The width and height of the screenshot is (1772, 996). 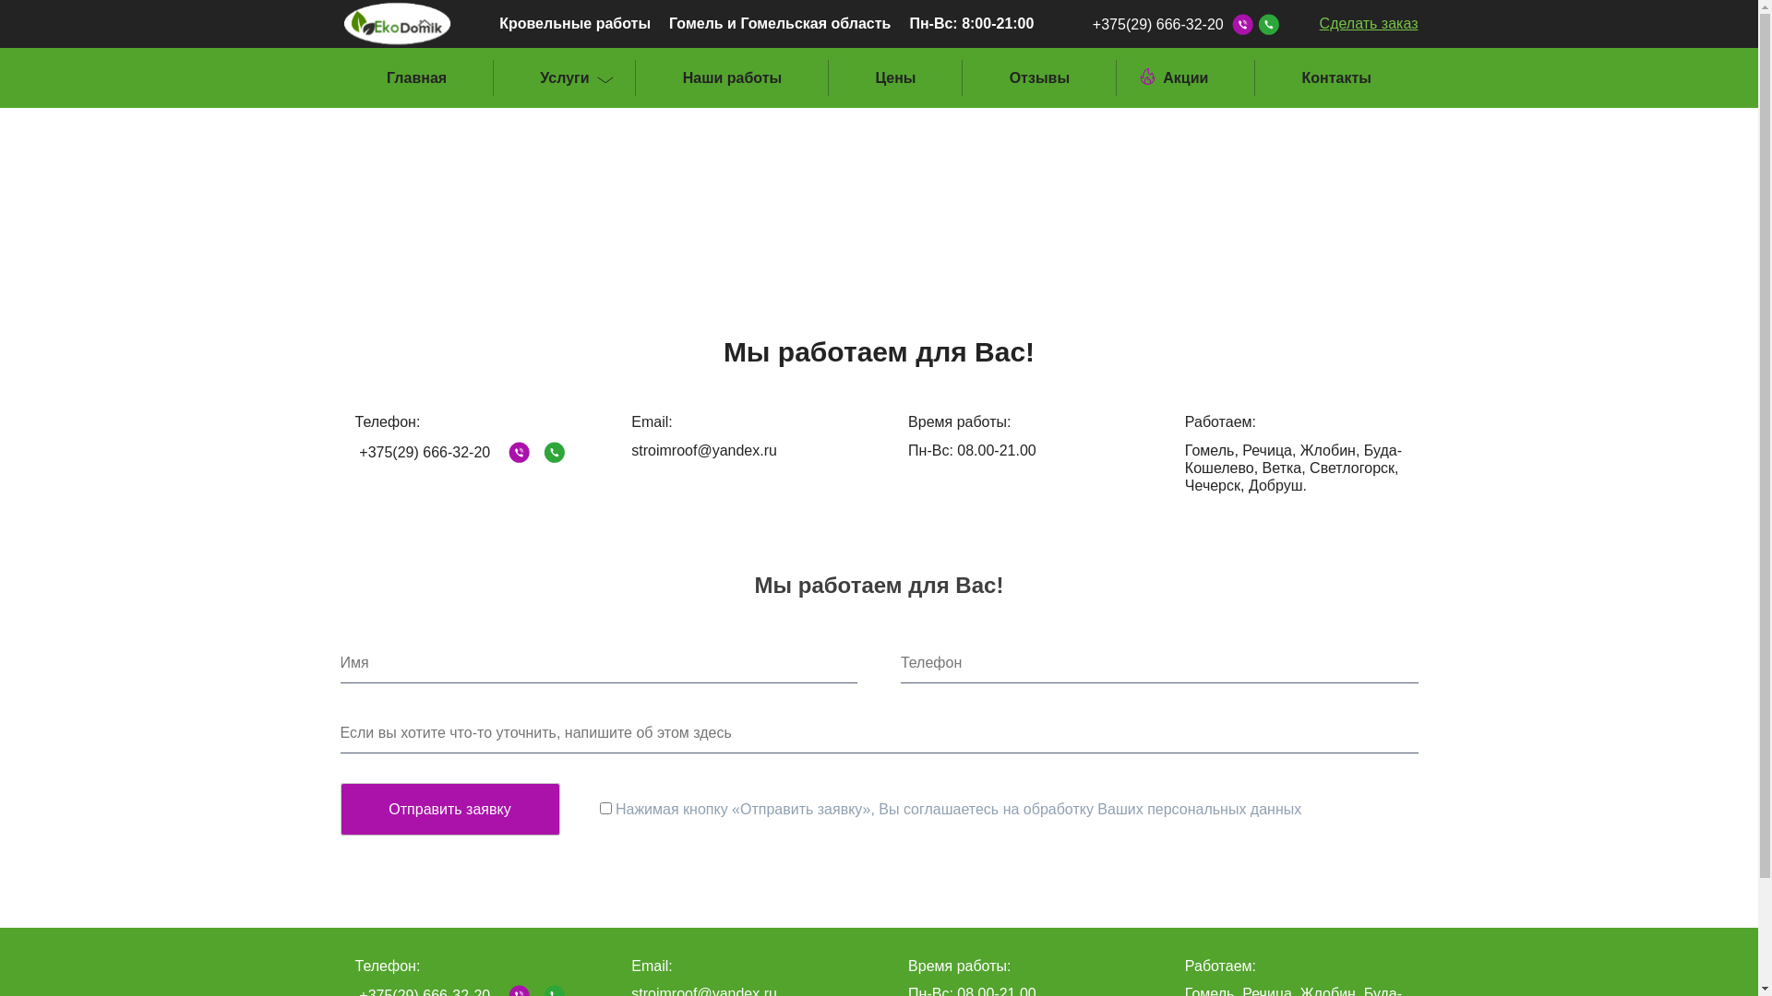 I want to click on '+375(29) 666-32-20', so click(x=423, y=452).